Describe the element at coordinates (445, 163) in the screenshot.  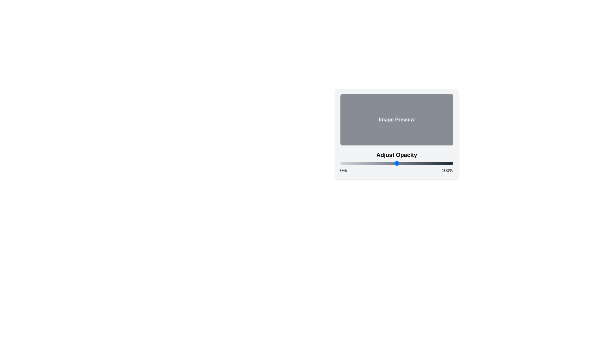
I see `slider value` at that location.